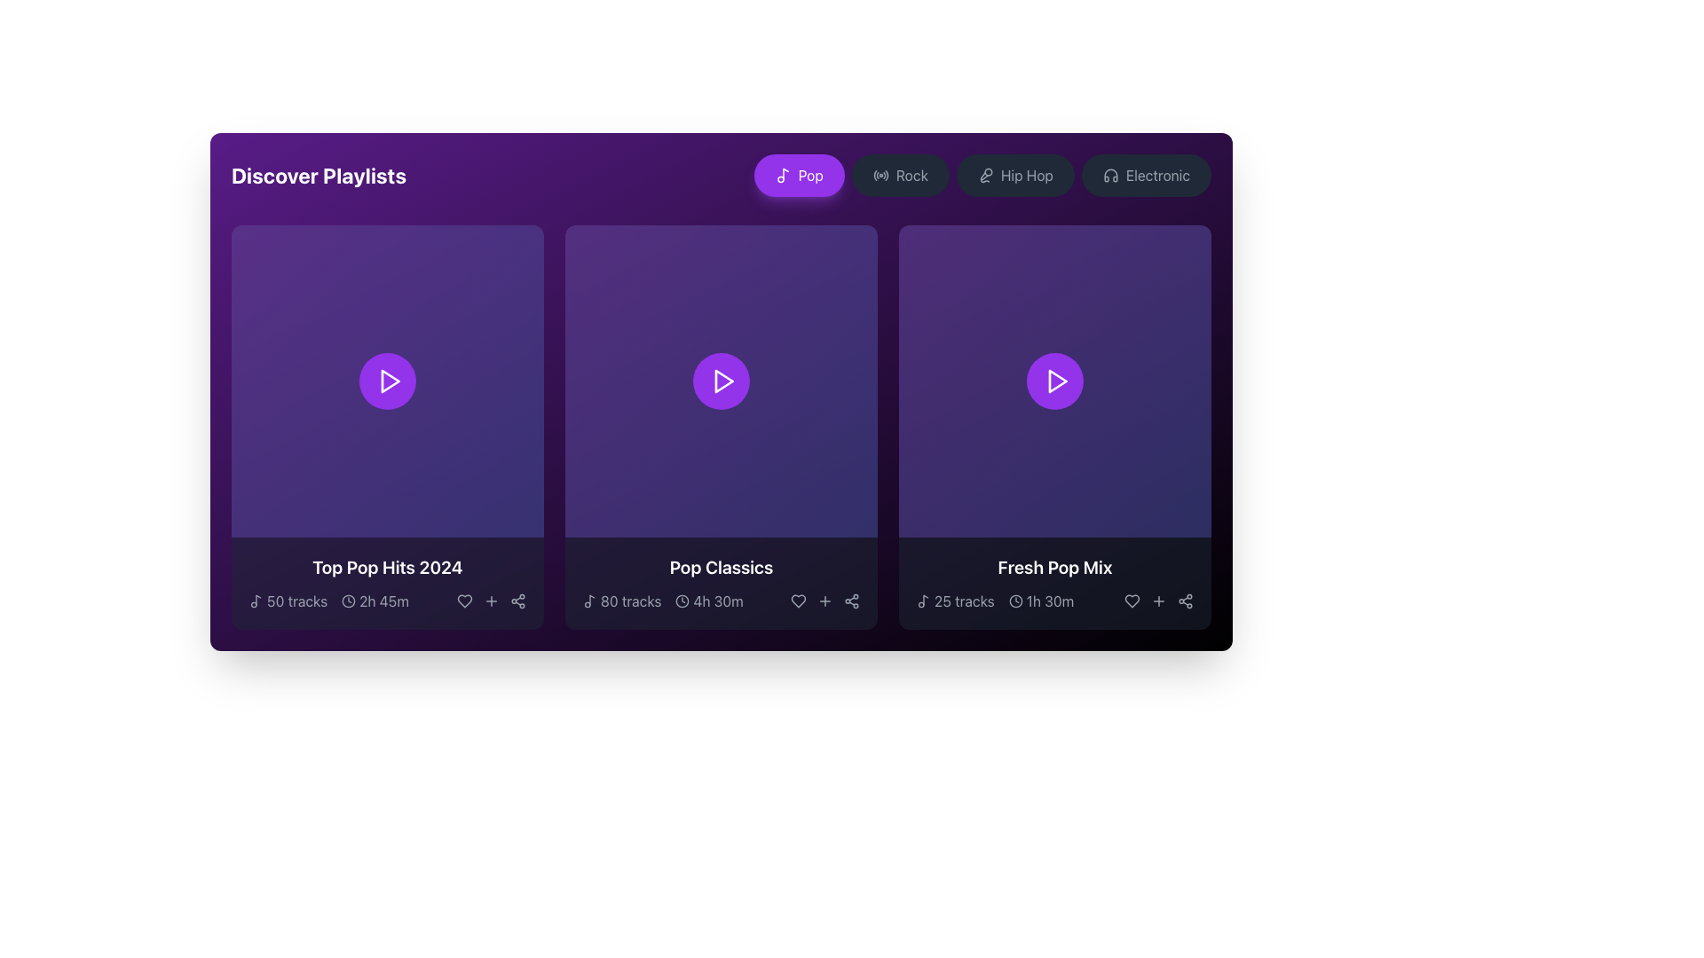 This screenshot has height=958, width=1704. Describe the element at coordinates (297, 601) in the screenshot. I see `the text label indicating the number of tracks available in the 'Top Pop Hits 2024' playlist` at that location.